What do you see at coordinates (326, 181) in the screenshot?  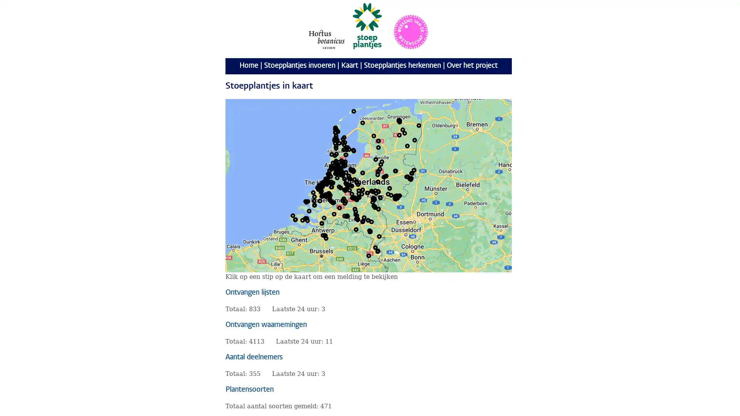 I see `Telling van Thalents Leiden op 26 maart 2022` at bounding box center [326, 181].